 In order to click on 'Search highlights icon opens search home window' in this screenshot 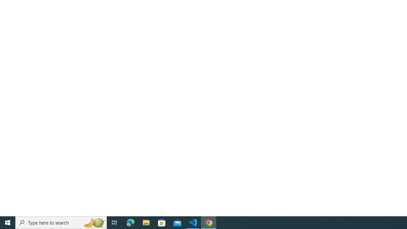, I will do `click(93, 222)`.